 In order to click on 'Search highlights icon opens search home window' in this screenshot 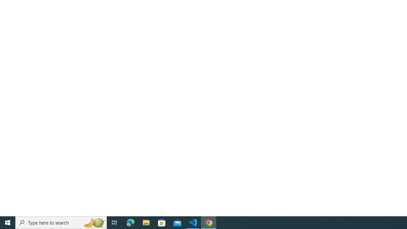, I will do `click(93, 222)`.